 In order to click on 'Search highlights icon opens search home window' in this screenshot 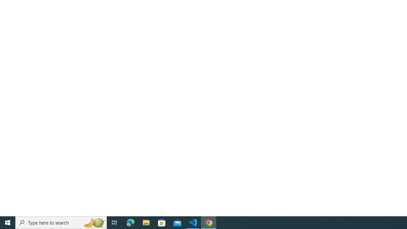, I will do `click(93, 222)`.